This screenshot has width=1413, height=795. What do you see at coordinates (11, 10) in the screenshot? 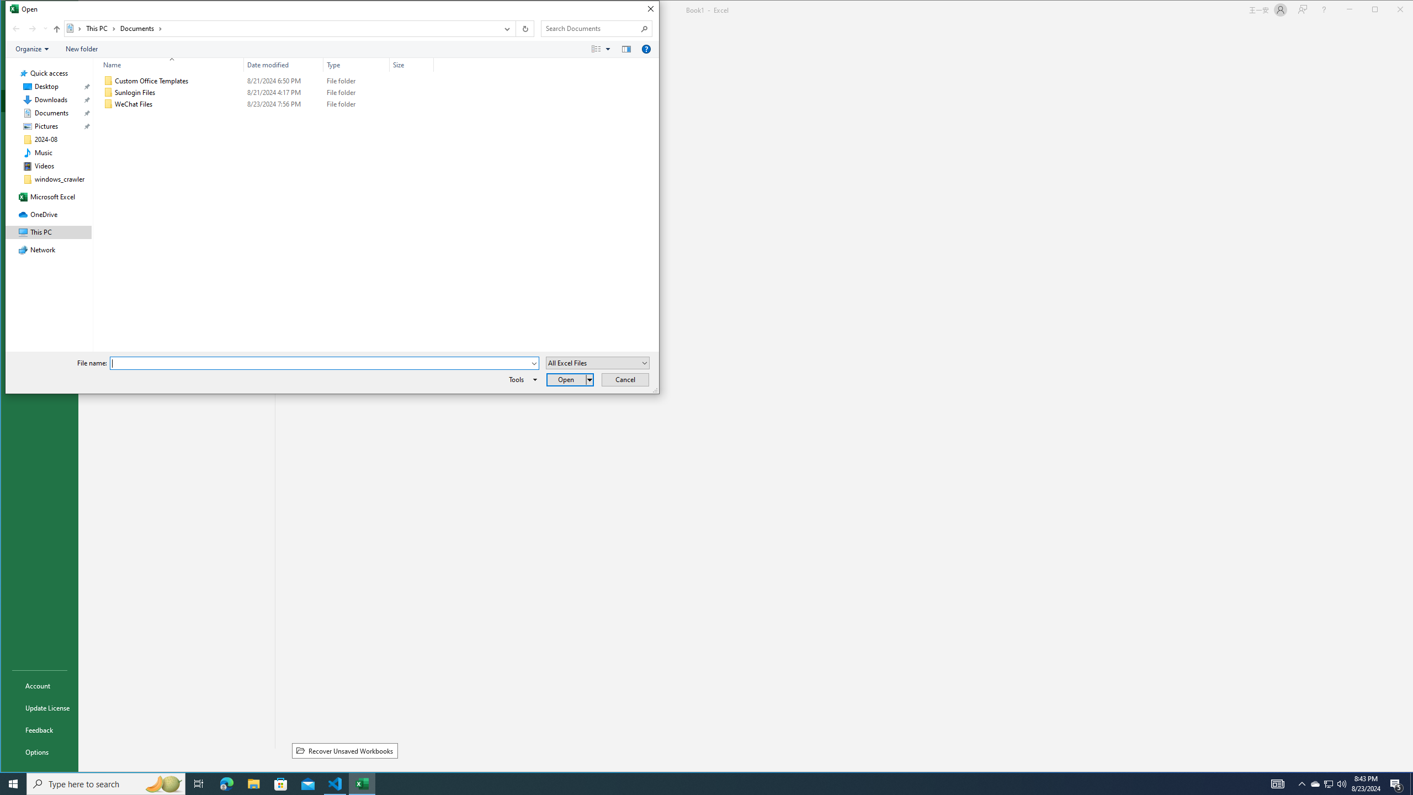
I see `'System'` at bounding box center [11, 10].